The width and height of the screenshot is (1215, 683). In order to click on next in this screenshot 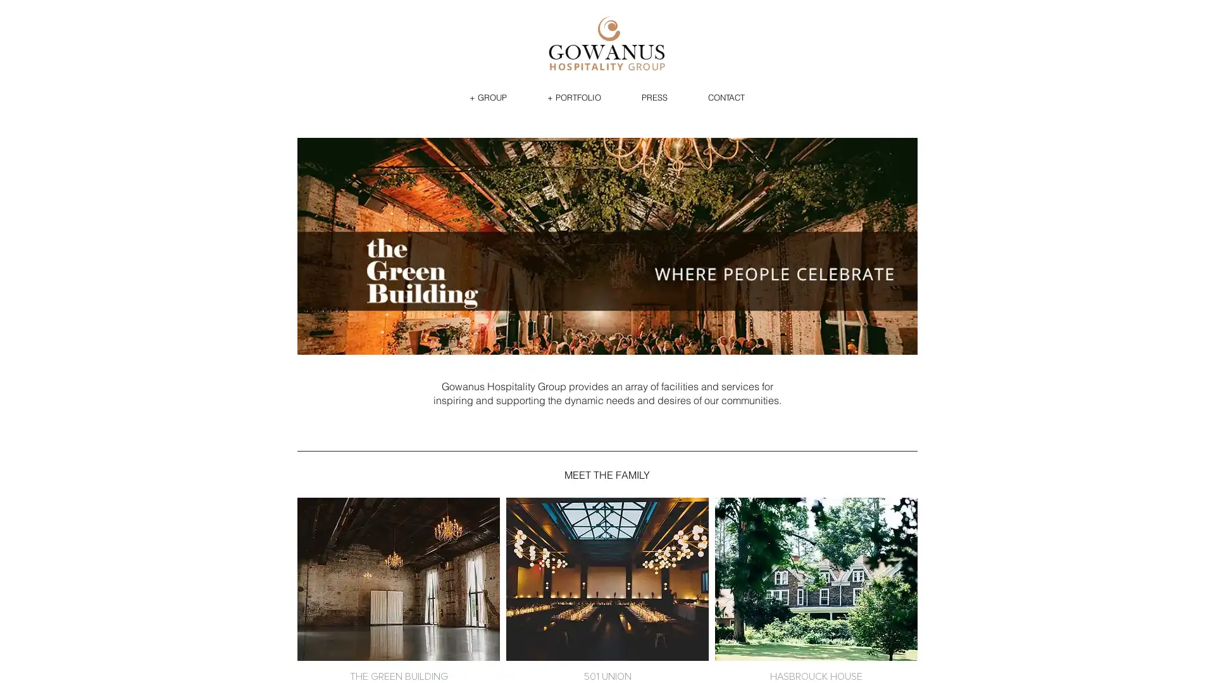, I will do `click(890, 246)`.